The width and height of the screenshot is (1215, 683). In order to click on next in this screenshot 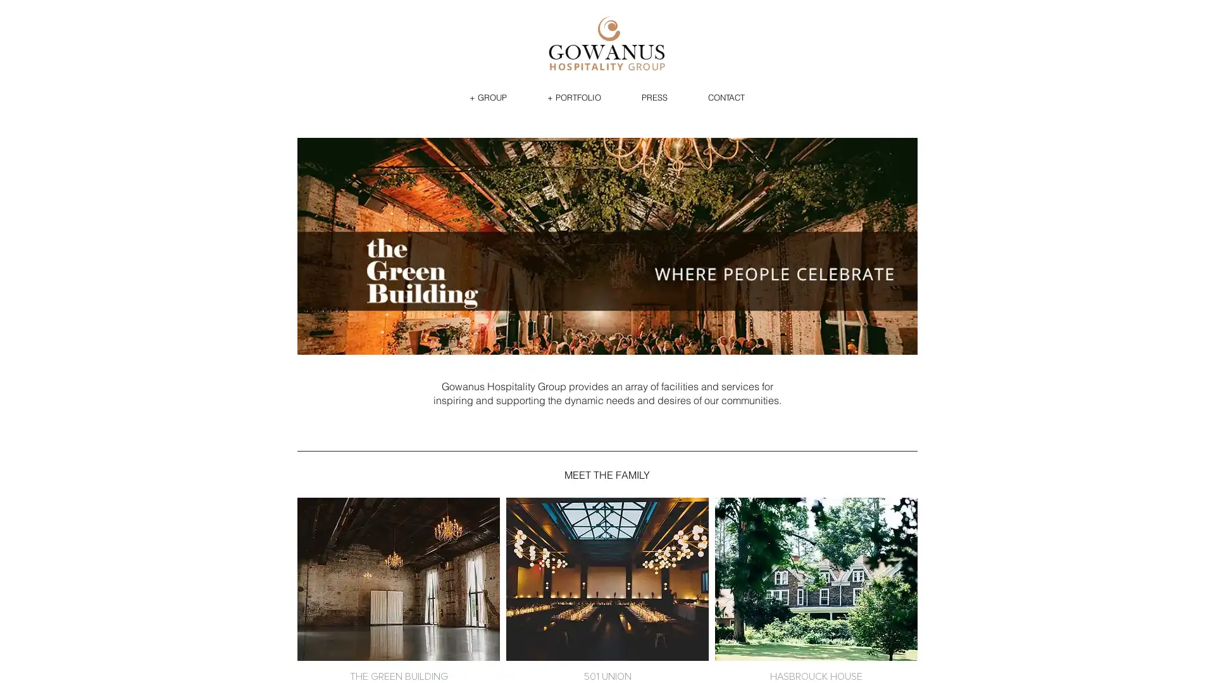, I will do `click(890, 246)`.